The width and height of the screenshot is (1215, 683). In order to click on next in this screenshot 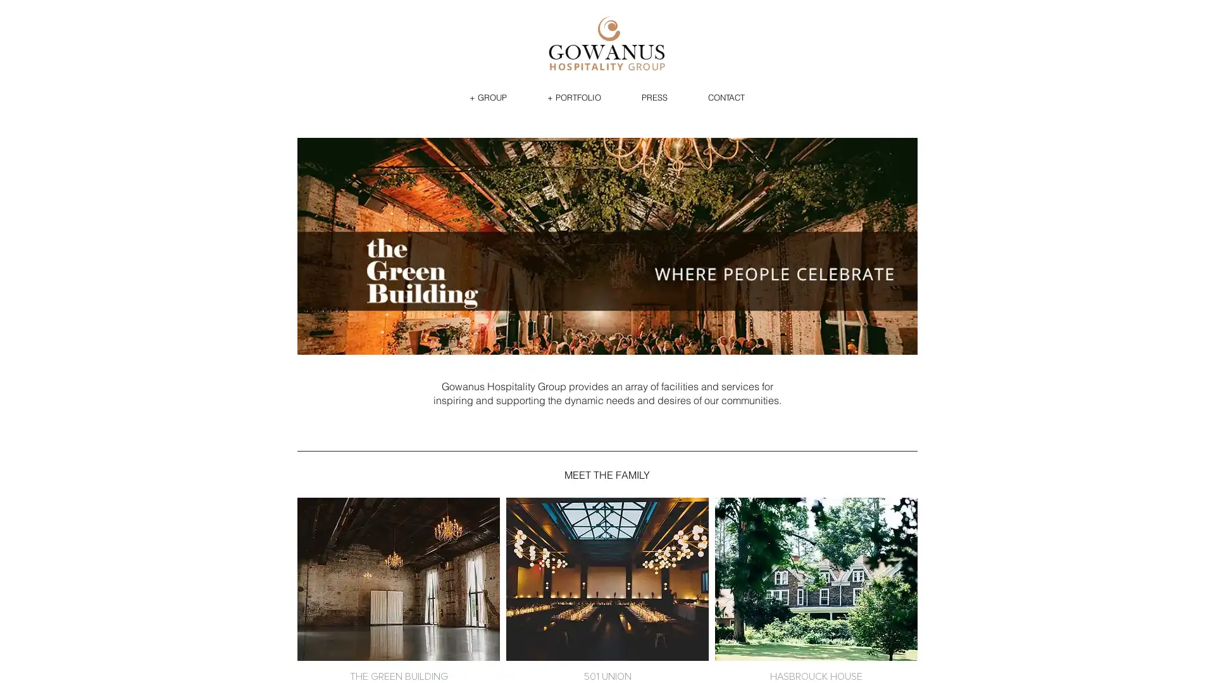, I will do `click(890, 246)`.